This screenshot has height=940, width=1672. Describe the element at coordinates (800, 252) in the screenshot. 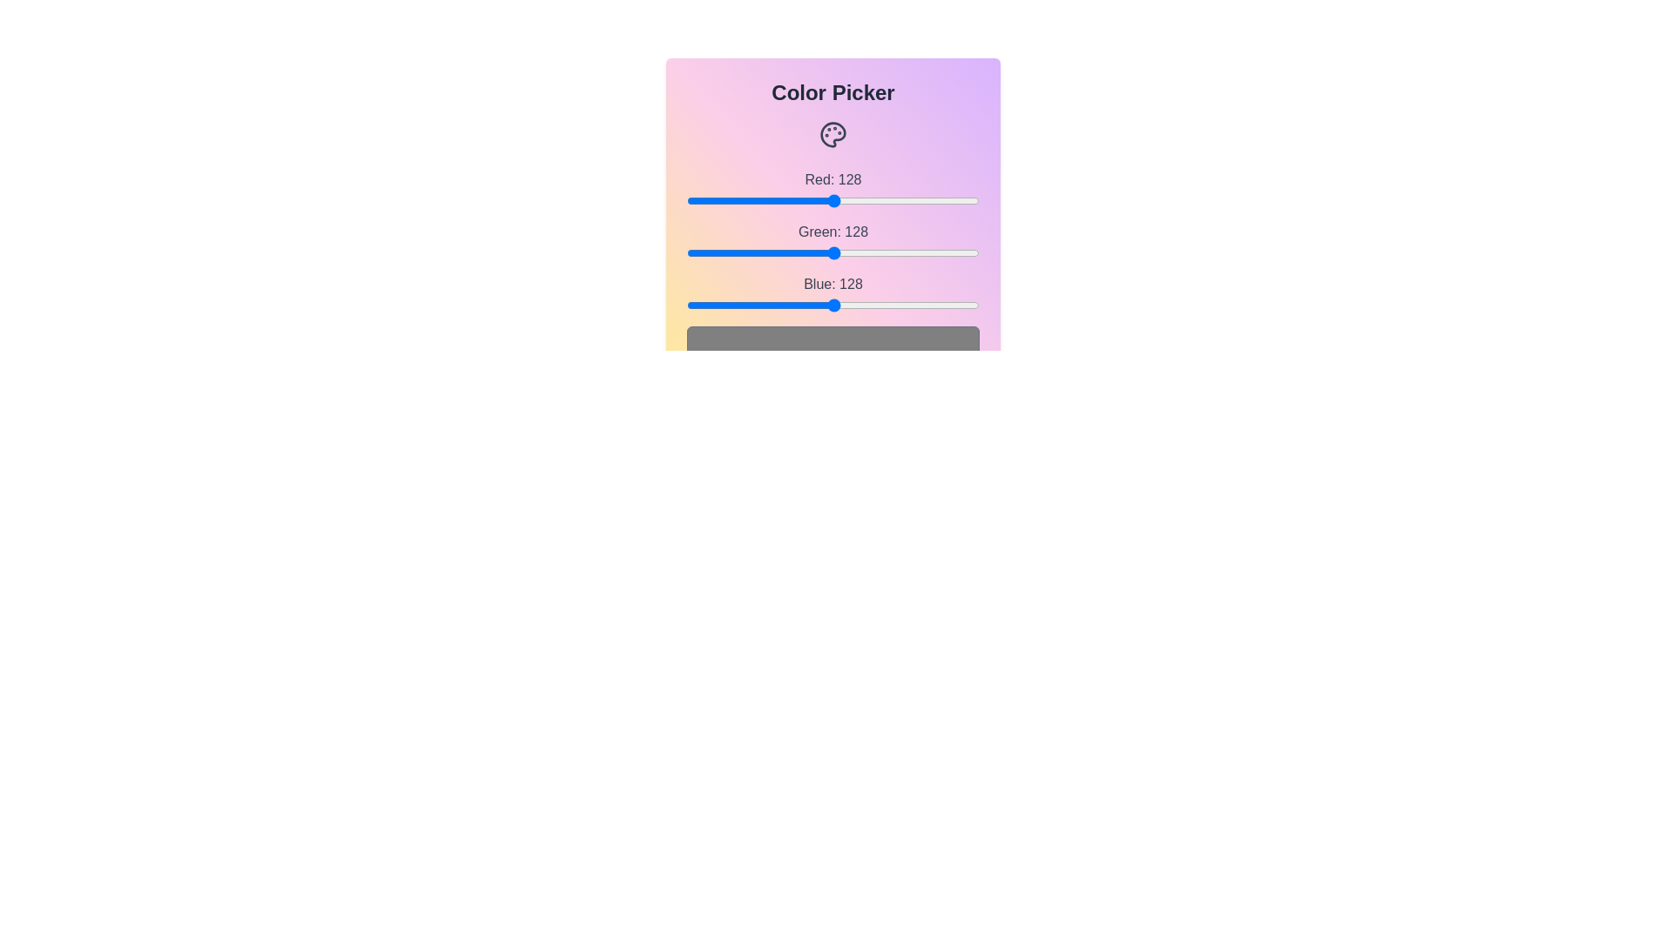

I see `the green slider to set the green channel value to 100` at that location.